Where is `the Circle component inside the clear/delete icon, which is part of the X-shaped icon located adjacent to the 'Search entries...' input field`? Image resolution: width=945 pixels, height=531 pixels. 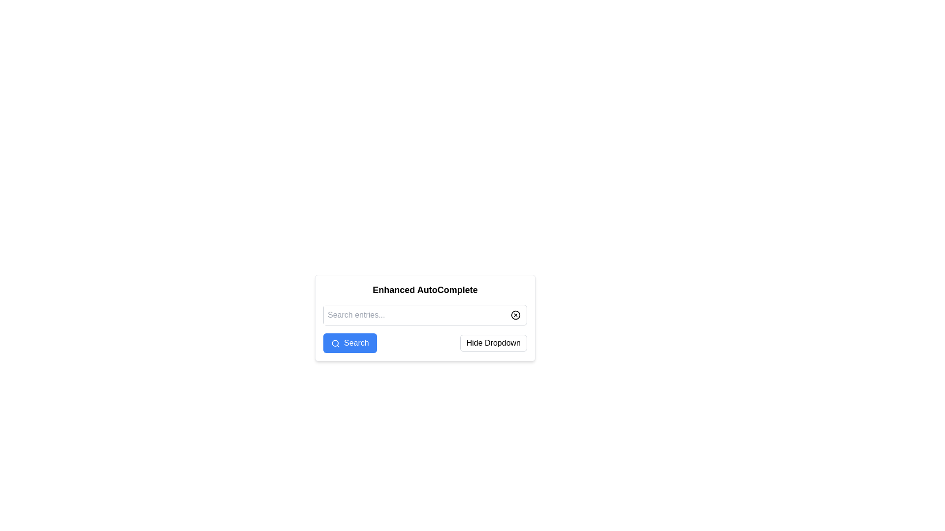 the Circle component inside the clear/delete icon, which is part of the X-shaped icon located adjacent to the 'Search entries...' input field is located at coordinates (515, 315).